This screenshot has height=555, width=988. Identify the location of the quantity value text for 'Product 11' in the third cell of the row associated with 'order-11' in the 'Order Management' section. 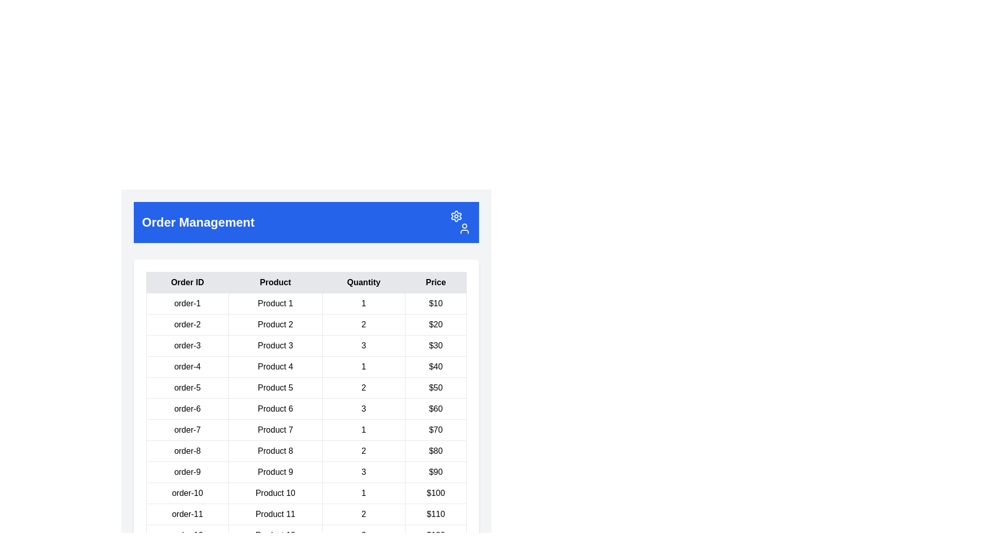
(363, 514).